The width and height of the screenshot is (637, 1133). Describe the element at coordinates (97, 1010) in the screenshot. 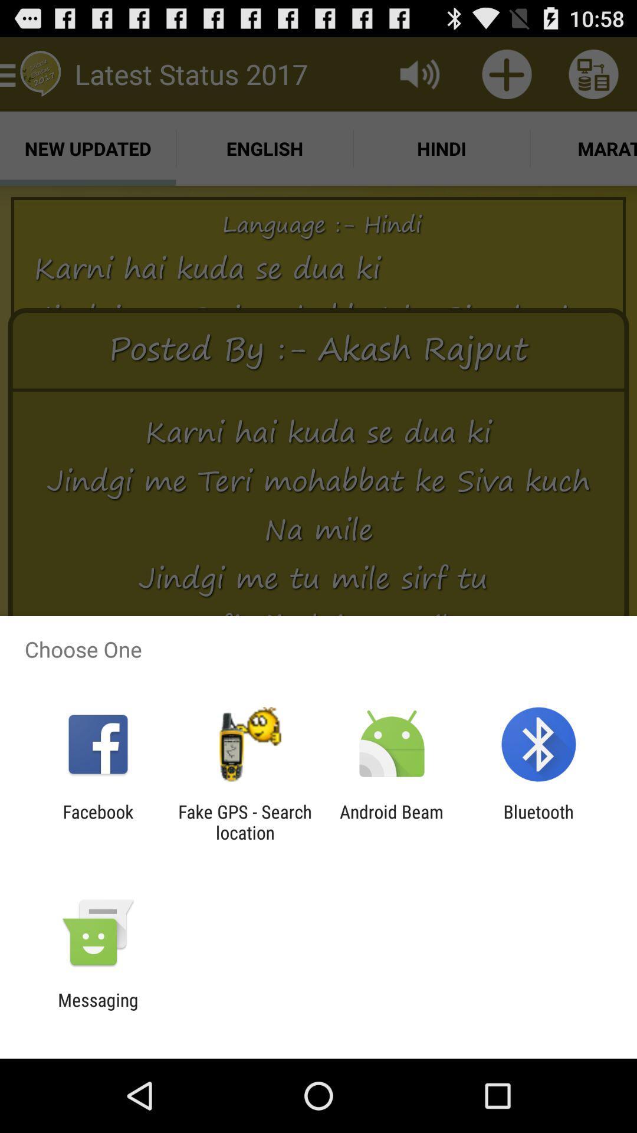

I see `messaging item` at that location.